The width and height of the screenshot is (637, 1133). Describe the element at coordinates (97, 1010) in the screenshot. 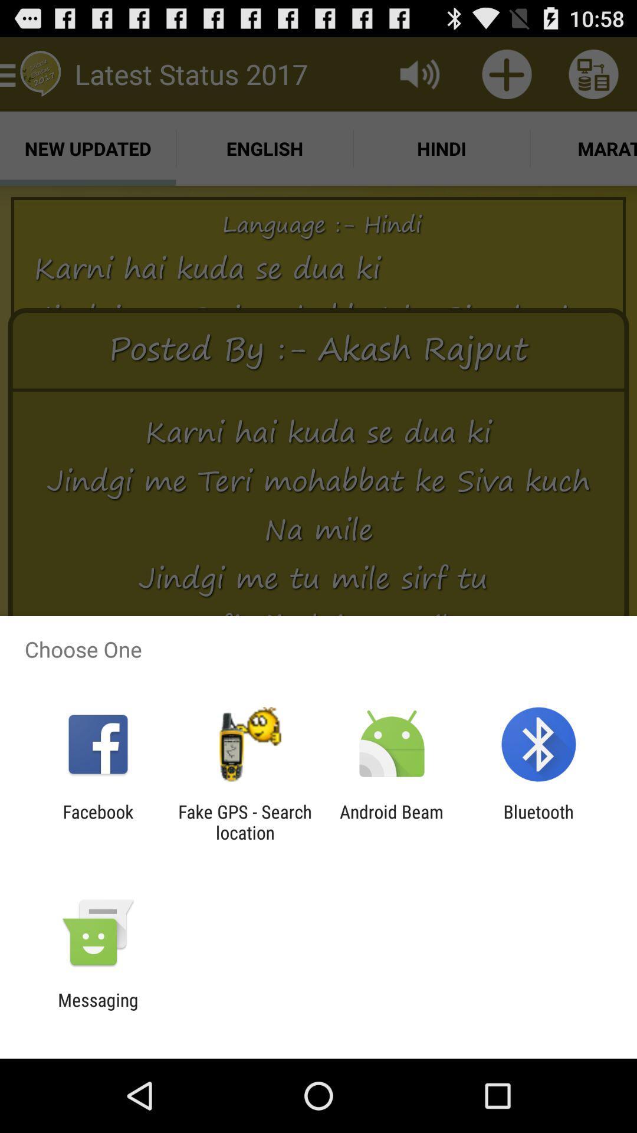

I see `messaging item` at that location.